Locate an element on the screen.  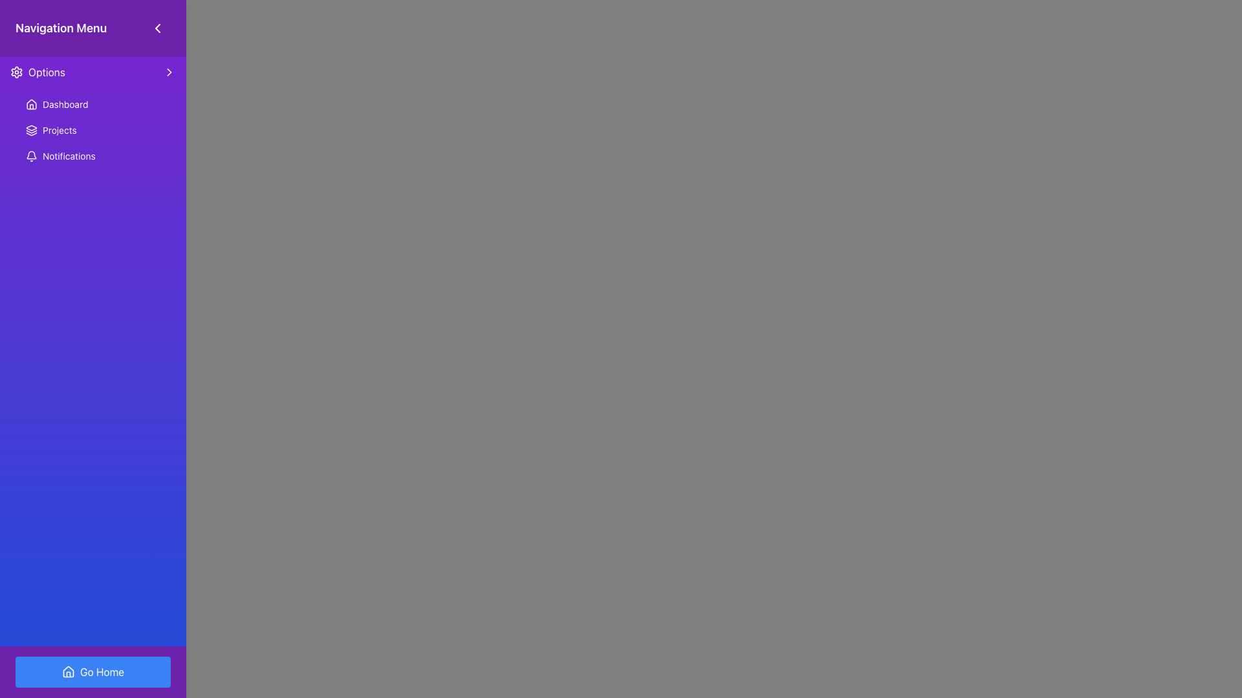
the circular button with a left-pointing chevron icon located in the top right corner of the navigation menu bar to go back is located at coordinates (157, 28).